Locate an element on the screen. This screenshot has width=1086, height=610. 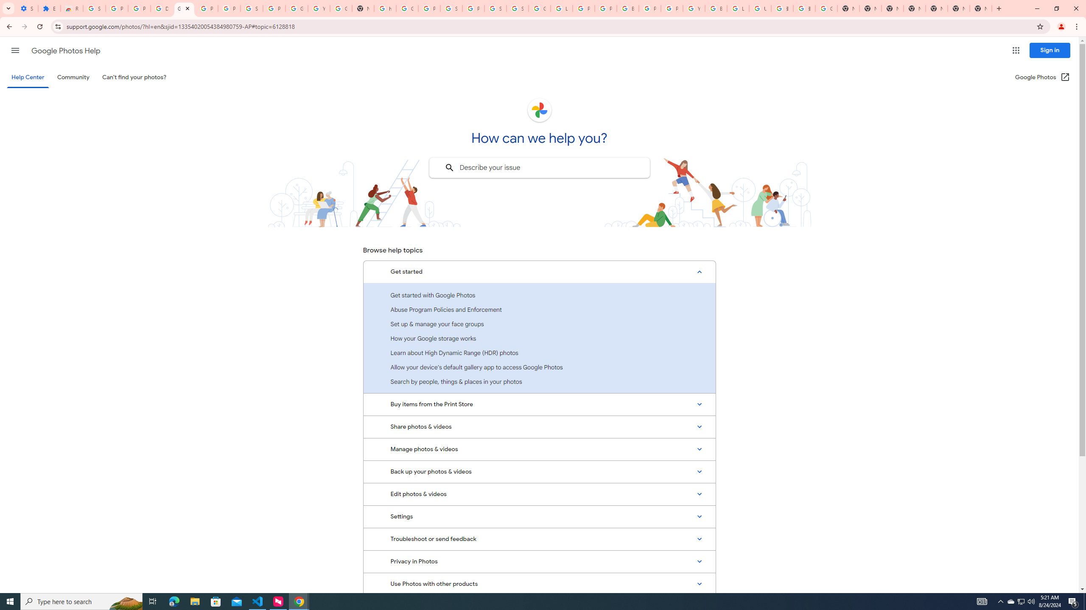
'Set up & manage your face groups' is located at coordinates (539, 323).